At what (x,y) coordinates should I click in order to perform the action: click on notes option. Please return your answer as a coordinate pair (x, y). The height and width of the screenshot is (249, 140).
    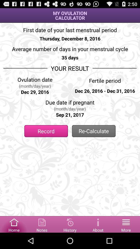
    Looking at the image, I should click on (42, 224).